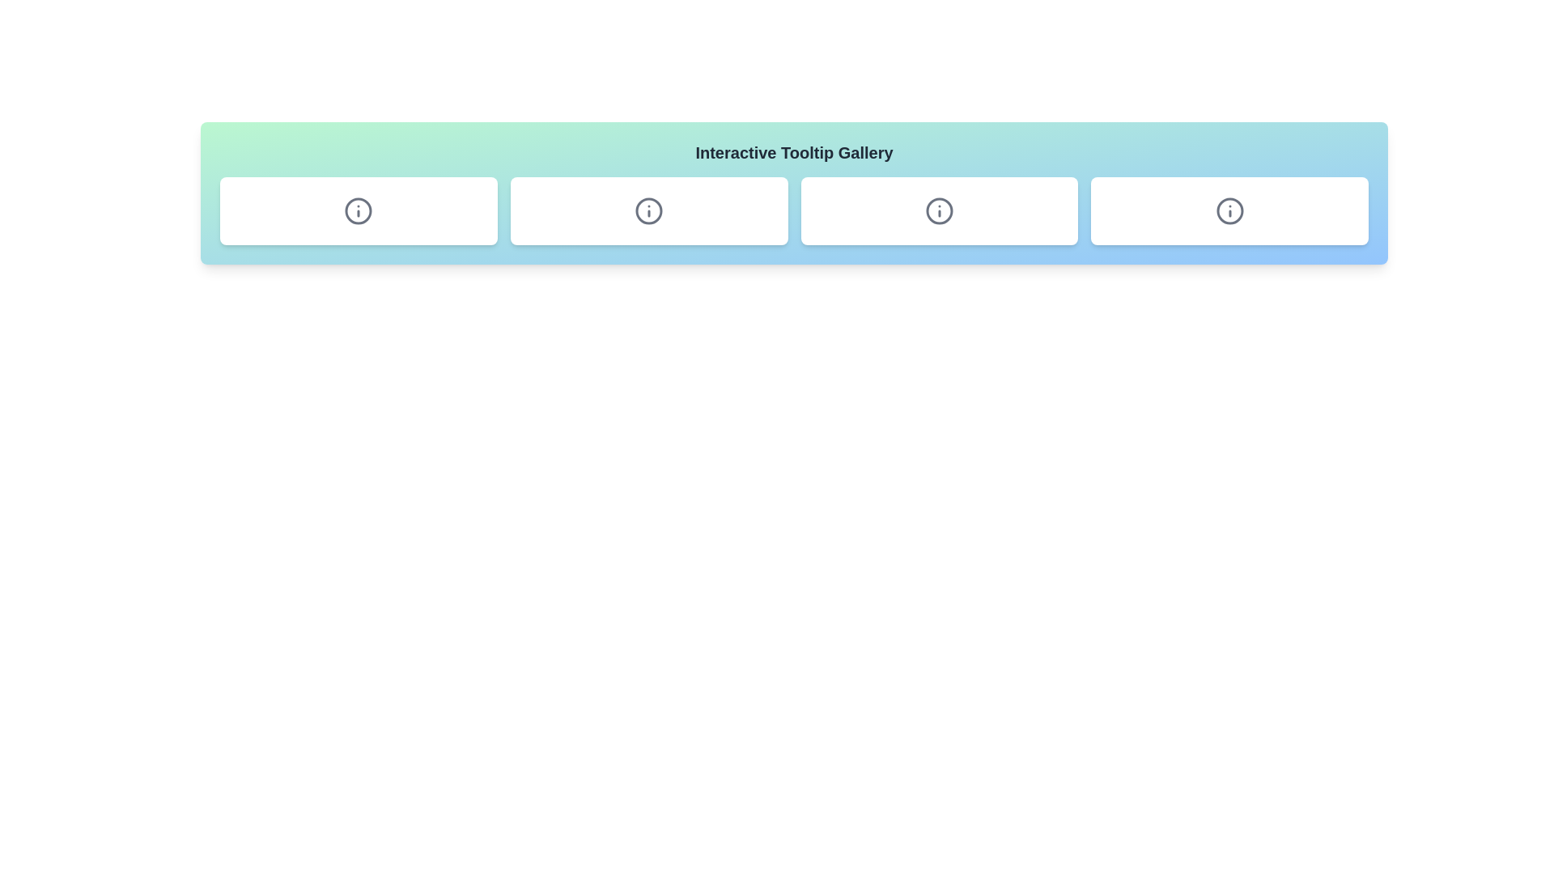  Describe the element at coordinates (358, 210) in the screenshot. I see `the circular SVG graphic element that represents information, located in the second panel from the left` at that location.